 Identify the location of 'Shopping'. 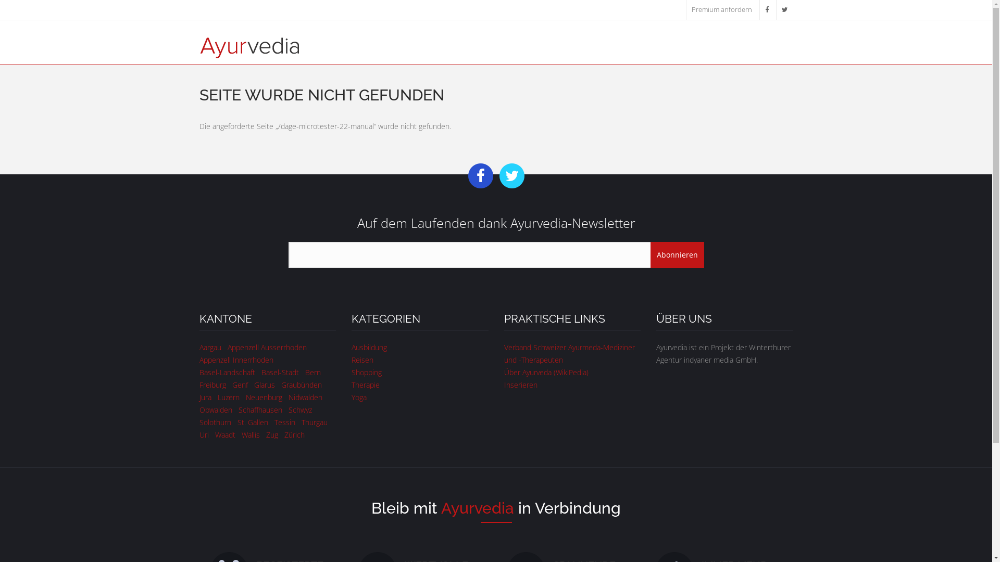
(352, 372).